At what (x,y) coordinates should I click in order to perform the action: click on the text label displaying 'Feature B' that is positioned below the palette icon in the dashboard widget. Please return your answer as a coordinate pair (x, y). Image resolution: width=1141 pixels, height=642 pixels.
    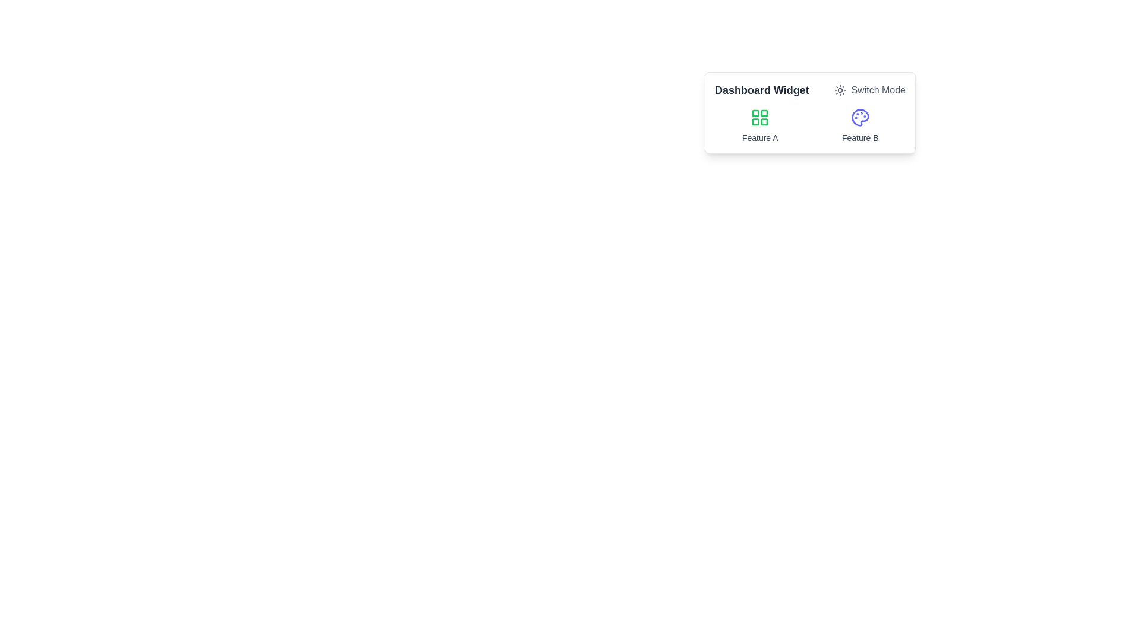
    Looking at the image, I should click on (860, 137).